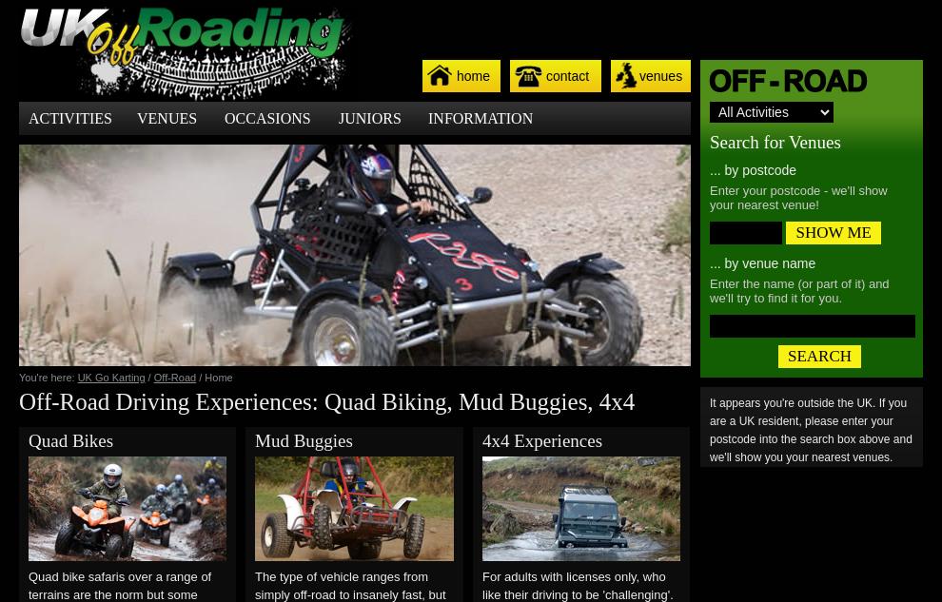  I want to click on '... by postcode', so click(753, 170).